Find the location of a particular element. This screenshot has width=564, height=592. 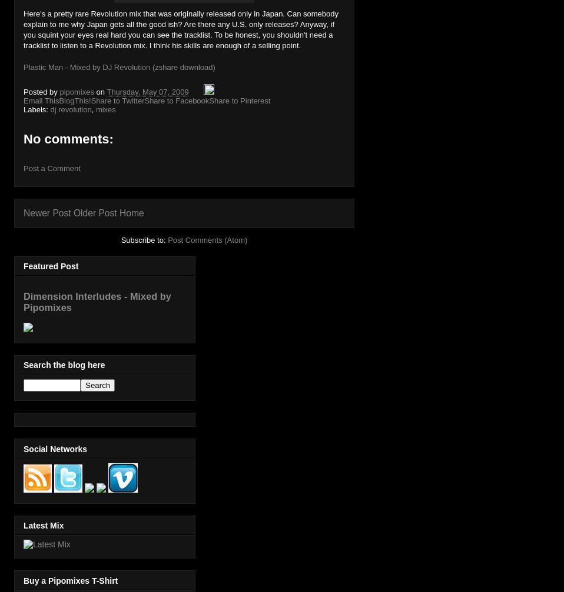

'Labels:' is located at coordinates (36, 109).